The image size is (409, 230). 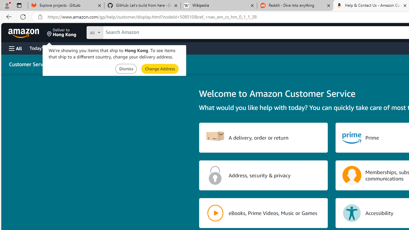 What do you see at coordinates (24, 32) in the screenshot?
I see `'Amazon'` at bounding box center [24, 32].